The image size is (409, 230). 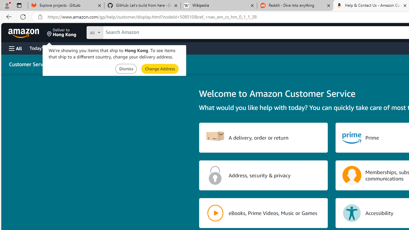 What do you see at coordinates (24, 32) in the screenshot?
I see `'Amazon'` at bounding box center [24, 32].